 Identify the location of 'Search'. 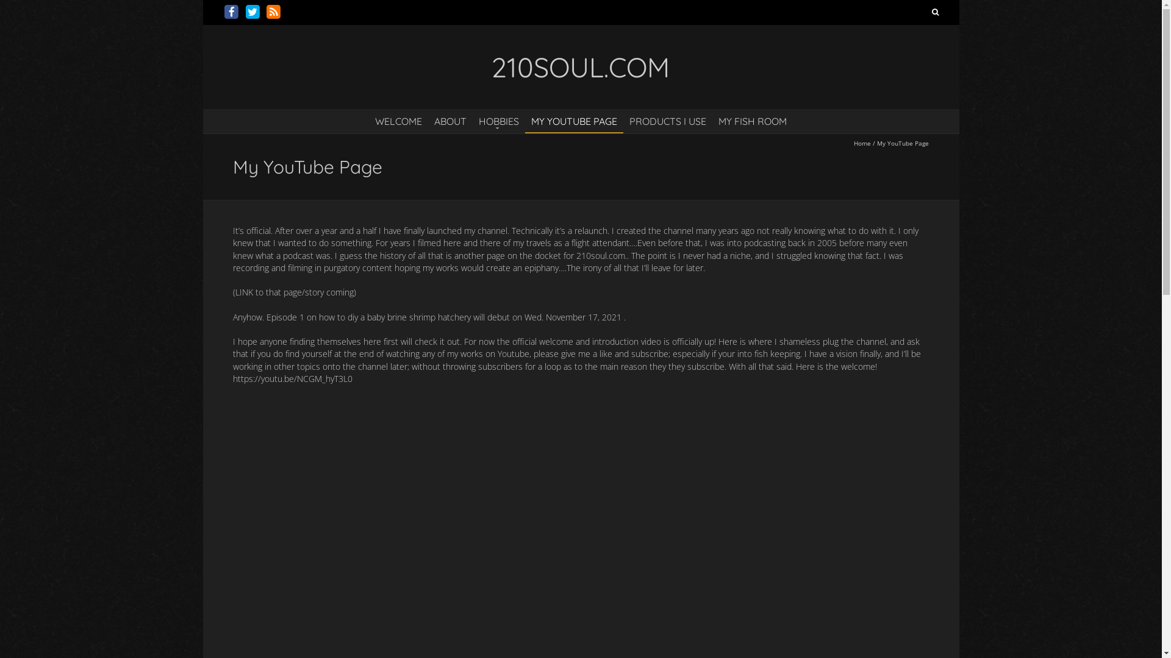
(934, 12).